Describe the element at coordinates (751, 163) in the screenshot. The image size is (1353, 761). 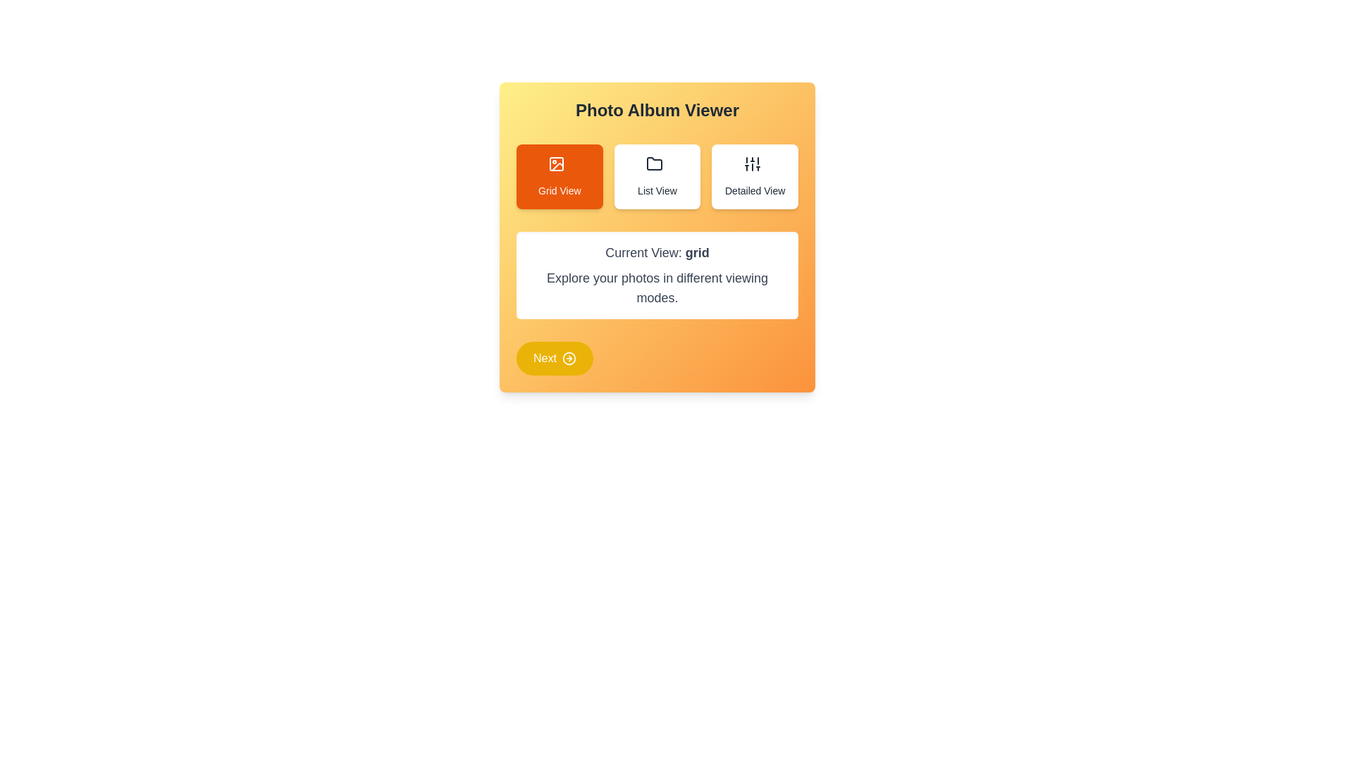
I see `the vertical sliders icon, which is represented by three vertical lines of varying lengths with small horizontal dashes intersecting them` at that location.